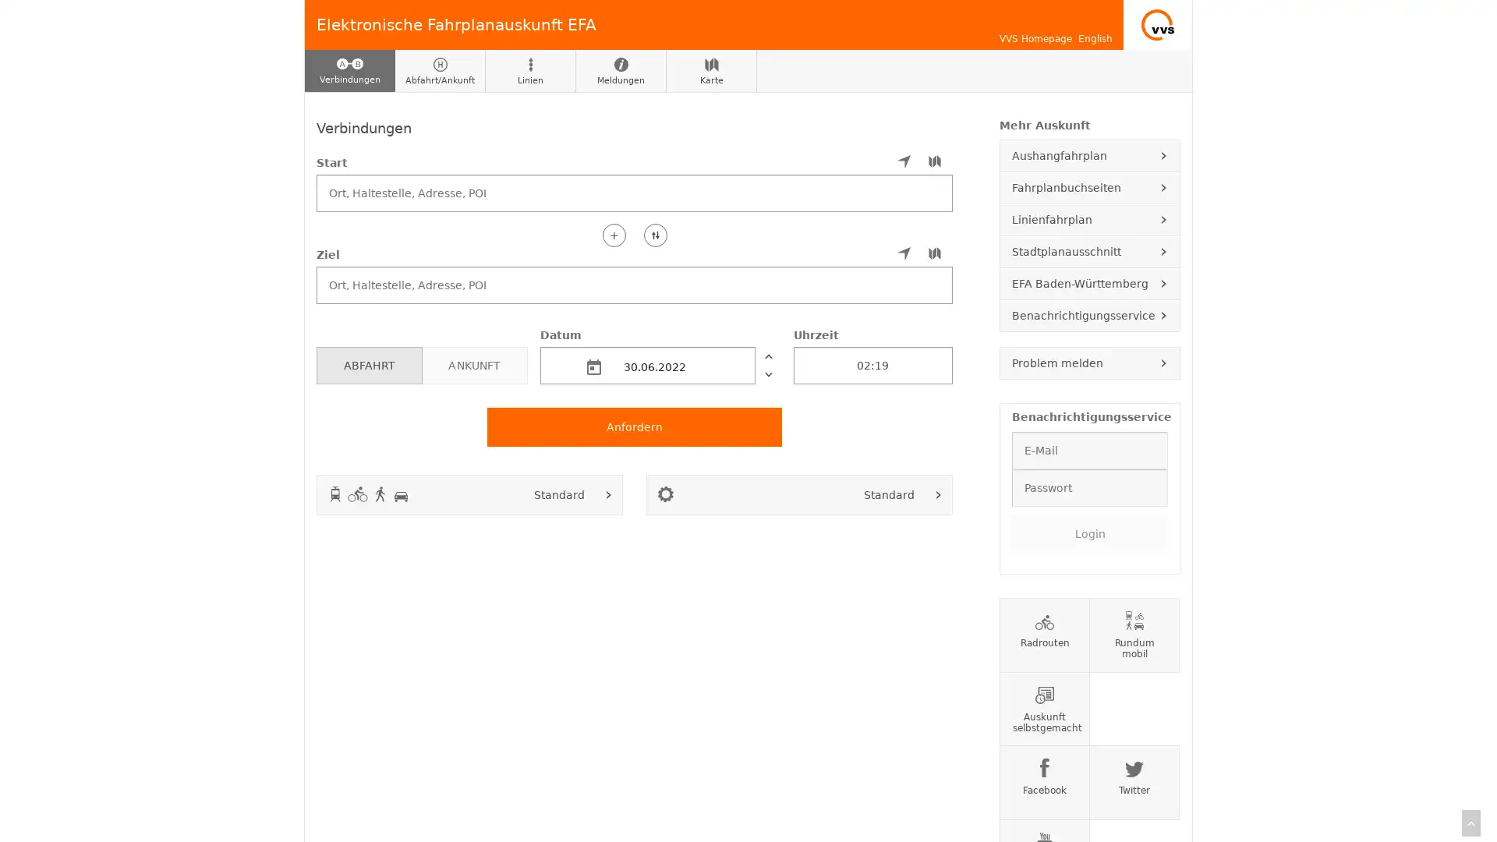 Image resolution: width=1497 pixels, height=842 pixels. I want to click on Anfordern, so click(635, 426).